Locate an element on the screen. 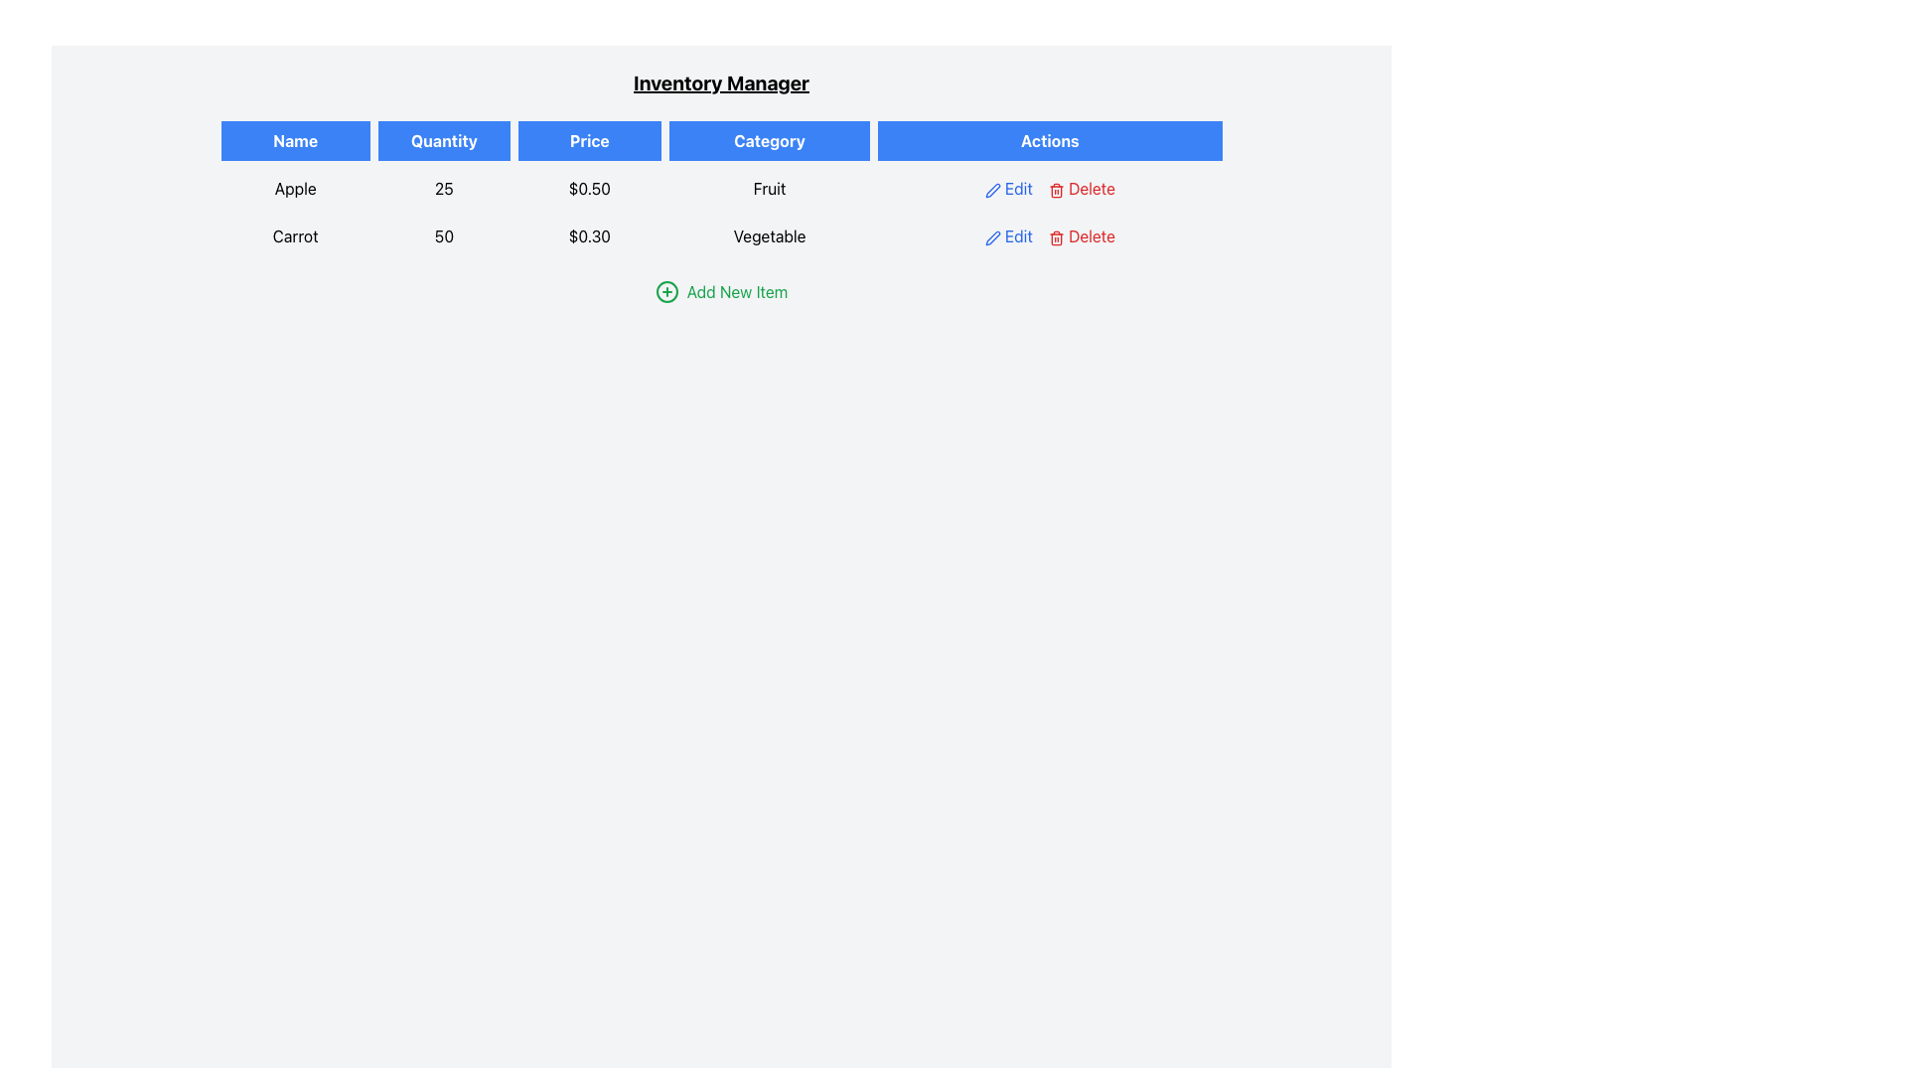 Image resolution: width=1907 pixels, height=1073 pixels. the delete icon located in the 'Actions' column of the second row in the table is located at coordinates (1055, 236).